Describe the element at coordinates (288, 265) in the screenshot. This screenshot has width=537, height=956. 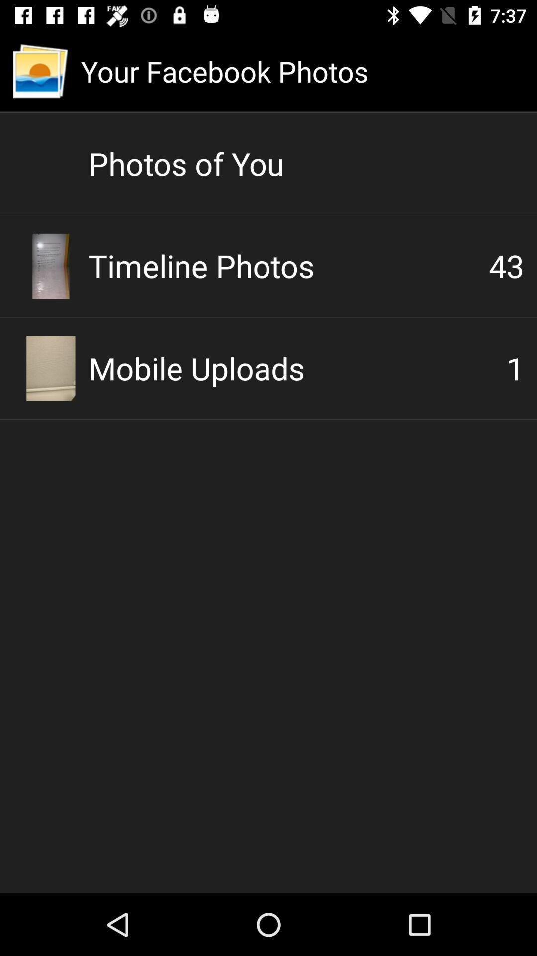
I see `timeline photos icon` at that location.